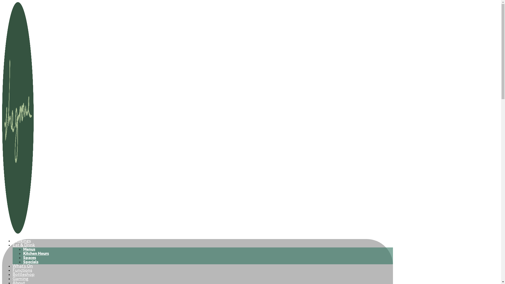 The width and height of the screenshot is (505, 284). What do you see at coordinates (21, 241) in the screenshot?
I see `'Bookings'` at bounding box center [21, 241].